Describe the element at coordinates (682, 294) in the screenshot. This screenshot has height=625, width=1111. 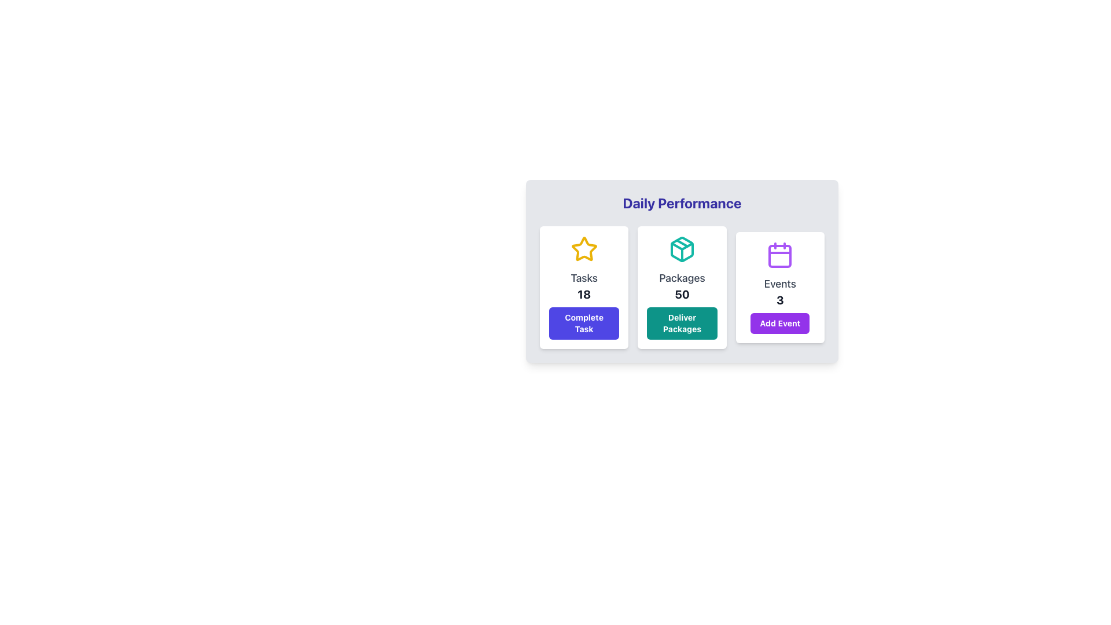
I see `the numerical value display element located in the middle card of the horizontal row, which is positioned centrally above the 'Deliver Packages' button and below the 'Packages' title` at that location.